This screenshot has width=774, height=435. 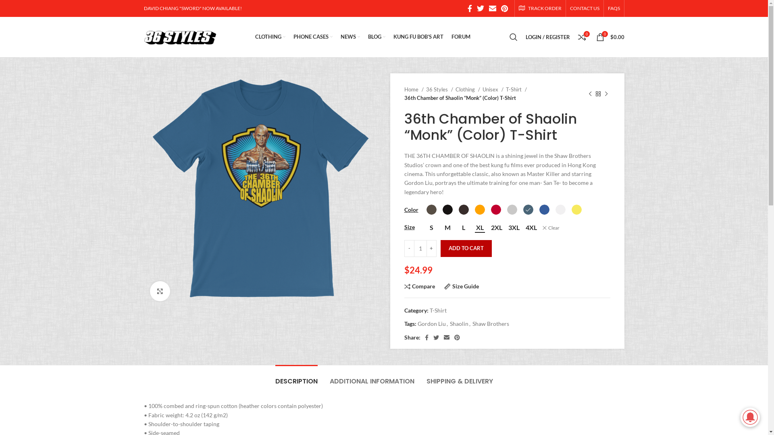 What do you see at coordinates (460, 377) in the screenshot?
I see `'SHIPPING & DELIVERY'` at bounding box center [460, 377].